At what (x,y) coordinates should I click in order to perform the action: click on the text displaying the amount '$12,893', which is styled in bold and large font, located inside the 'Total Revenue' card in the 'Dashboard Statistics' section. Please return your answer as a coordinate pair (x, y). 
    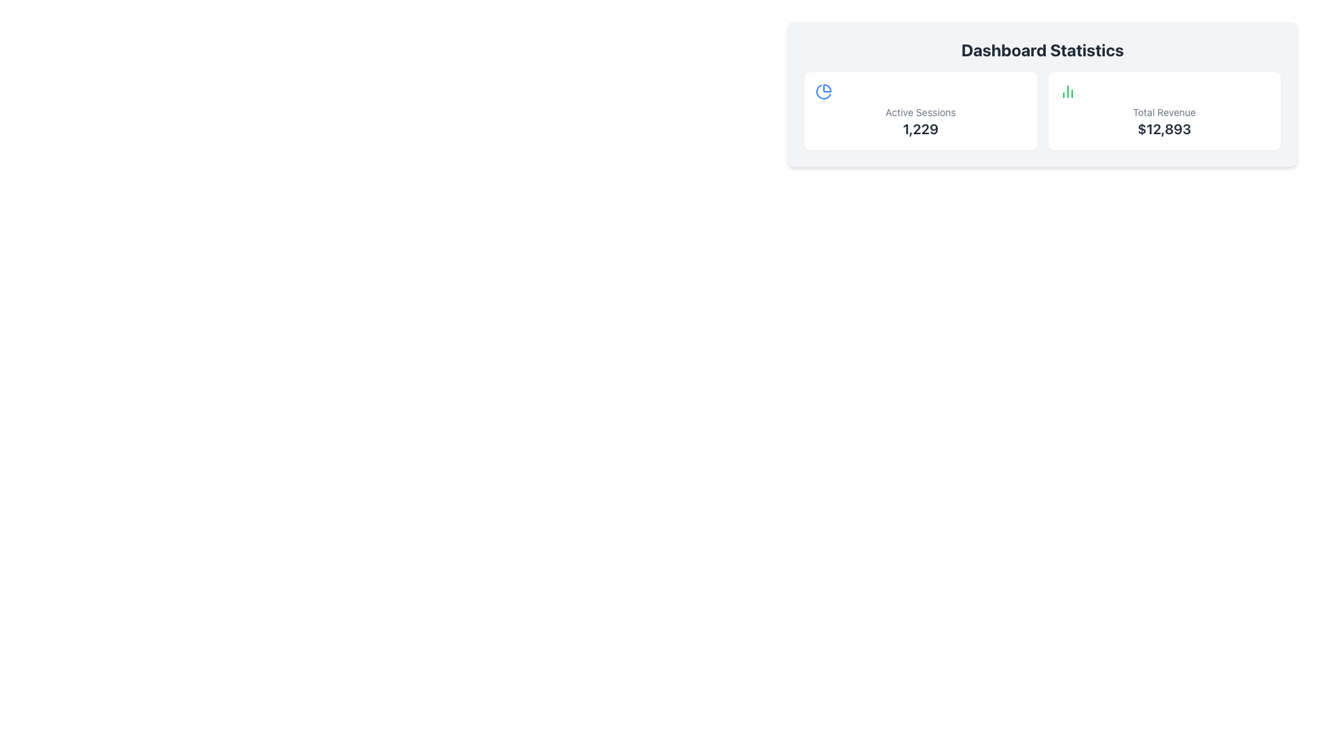
    Looking at the image, I should click on (1164, 129).